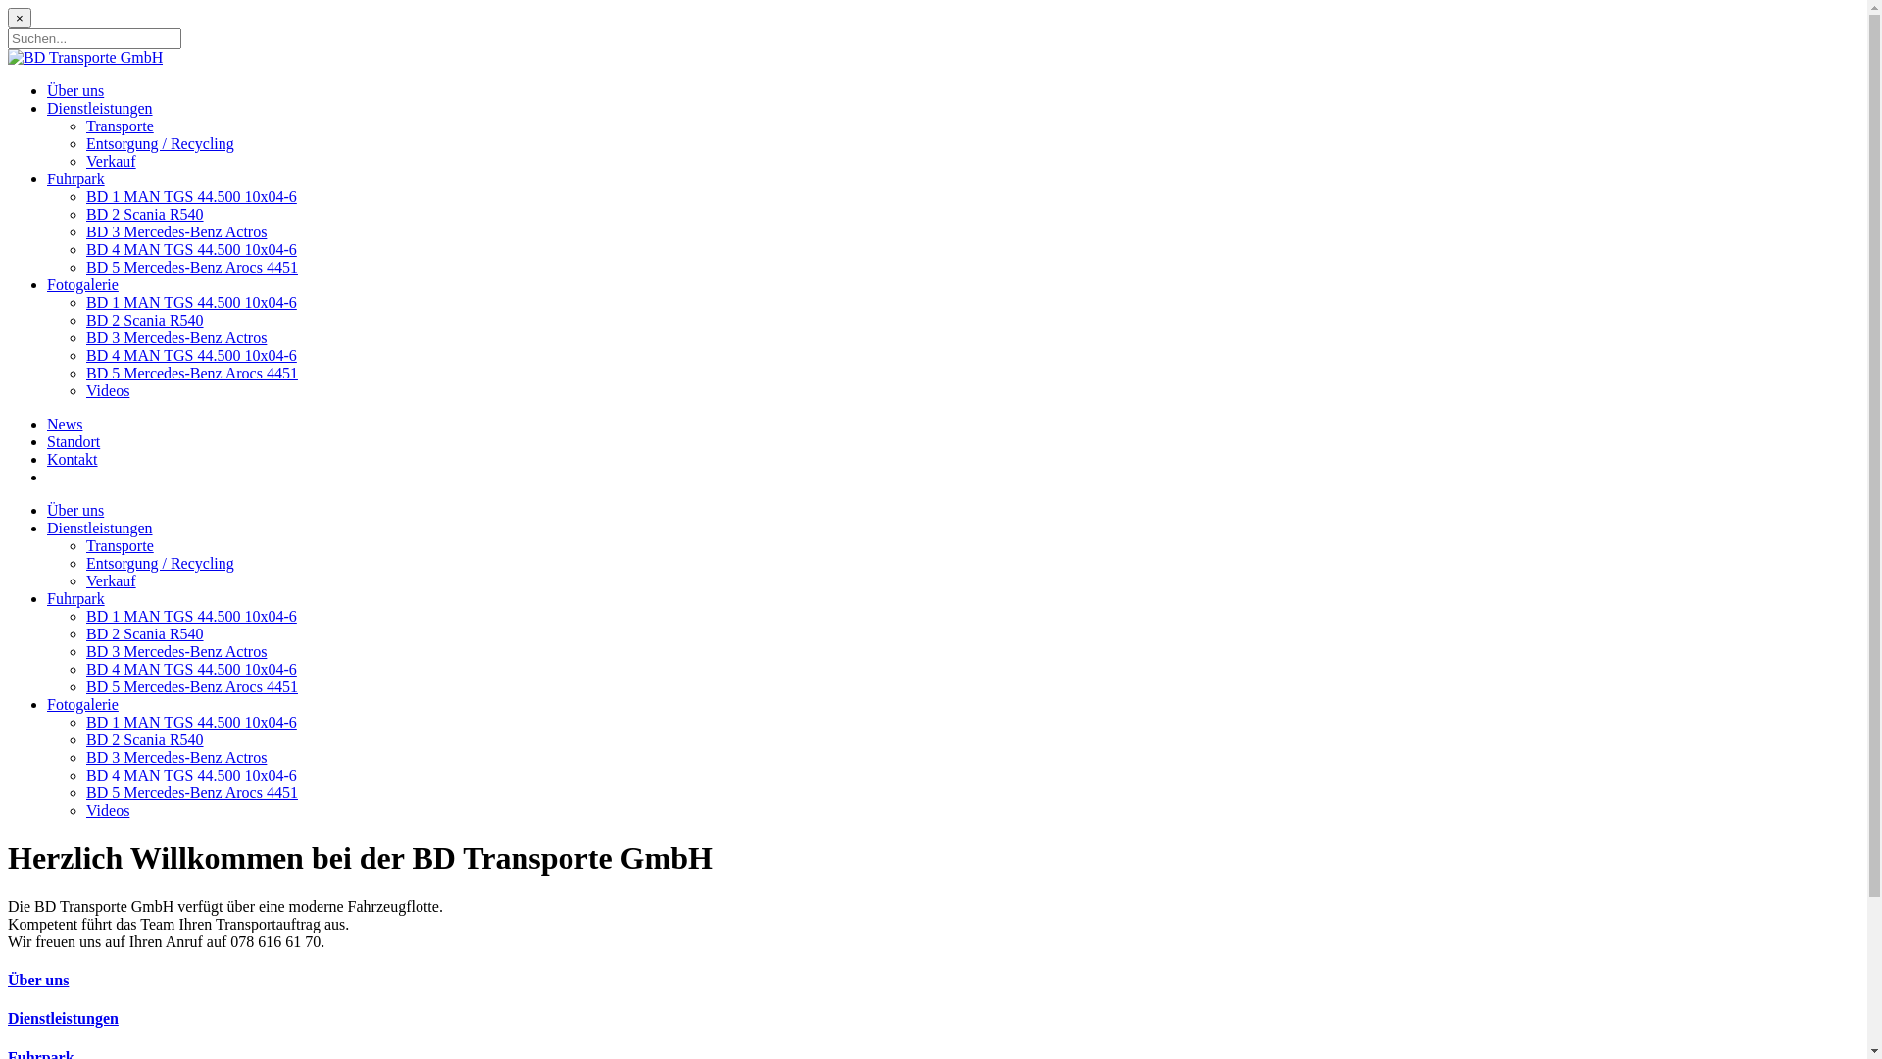  Describe the element at coordinates (98, 527) in the screenshot. I see `'Dienstleistungen'` at that location.